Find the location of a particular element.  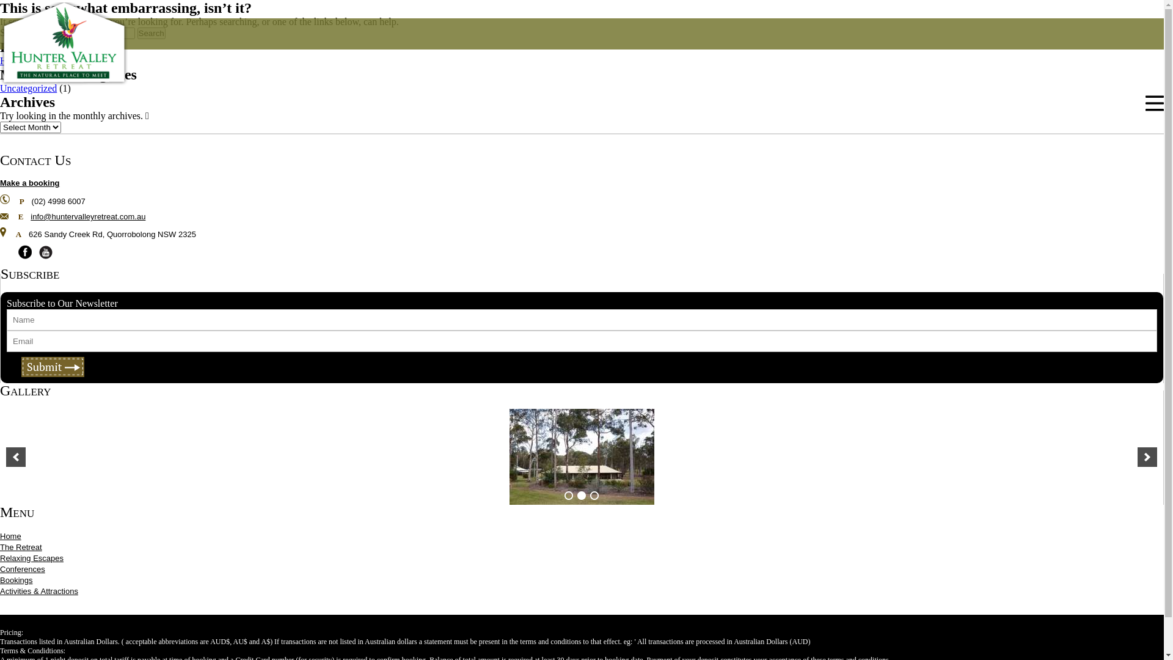

'Submit' is located at coordinates (52, 366).